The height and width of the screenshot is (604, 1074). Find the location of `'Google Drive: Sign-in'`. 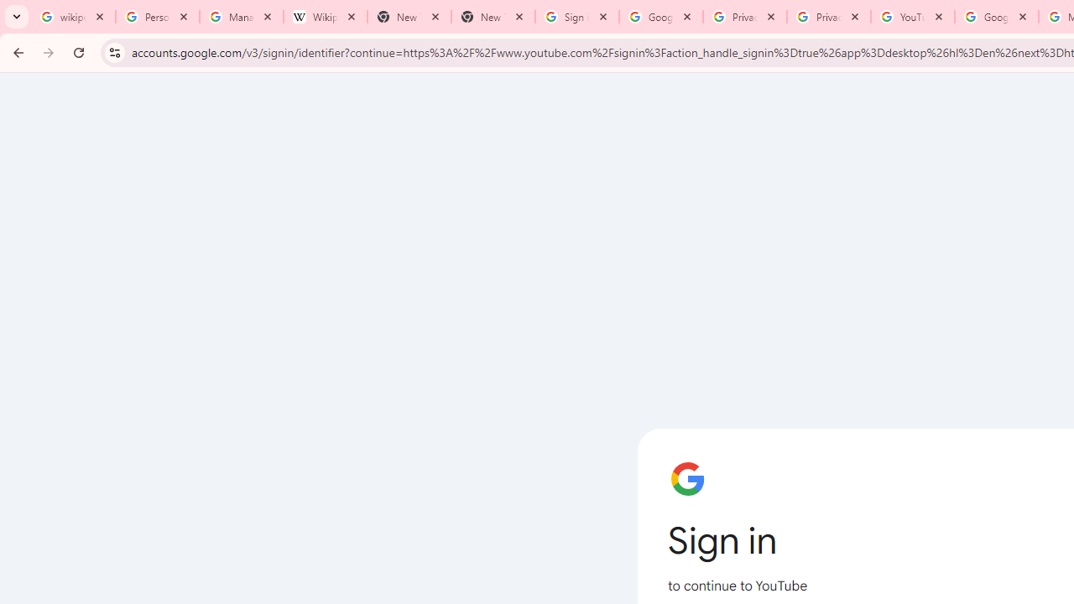

'Google Drive: Sign-in' is located at coordinates (660, 17).